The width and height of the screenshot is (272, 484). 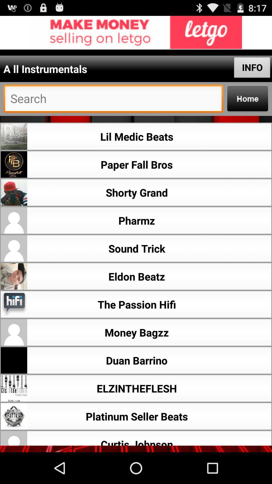 I want to click on go back, so click(x=247, y=99).